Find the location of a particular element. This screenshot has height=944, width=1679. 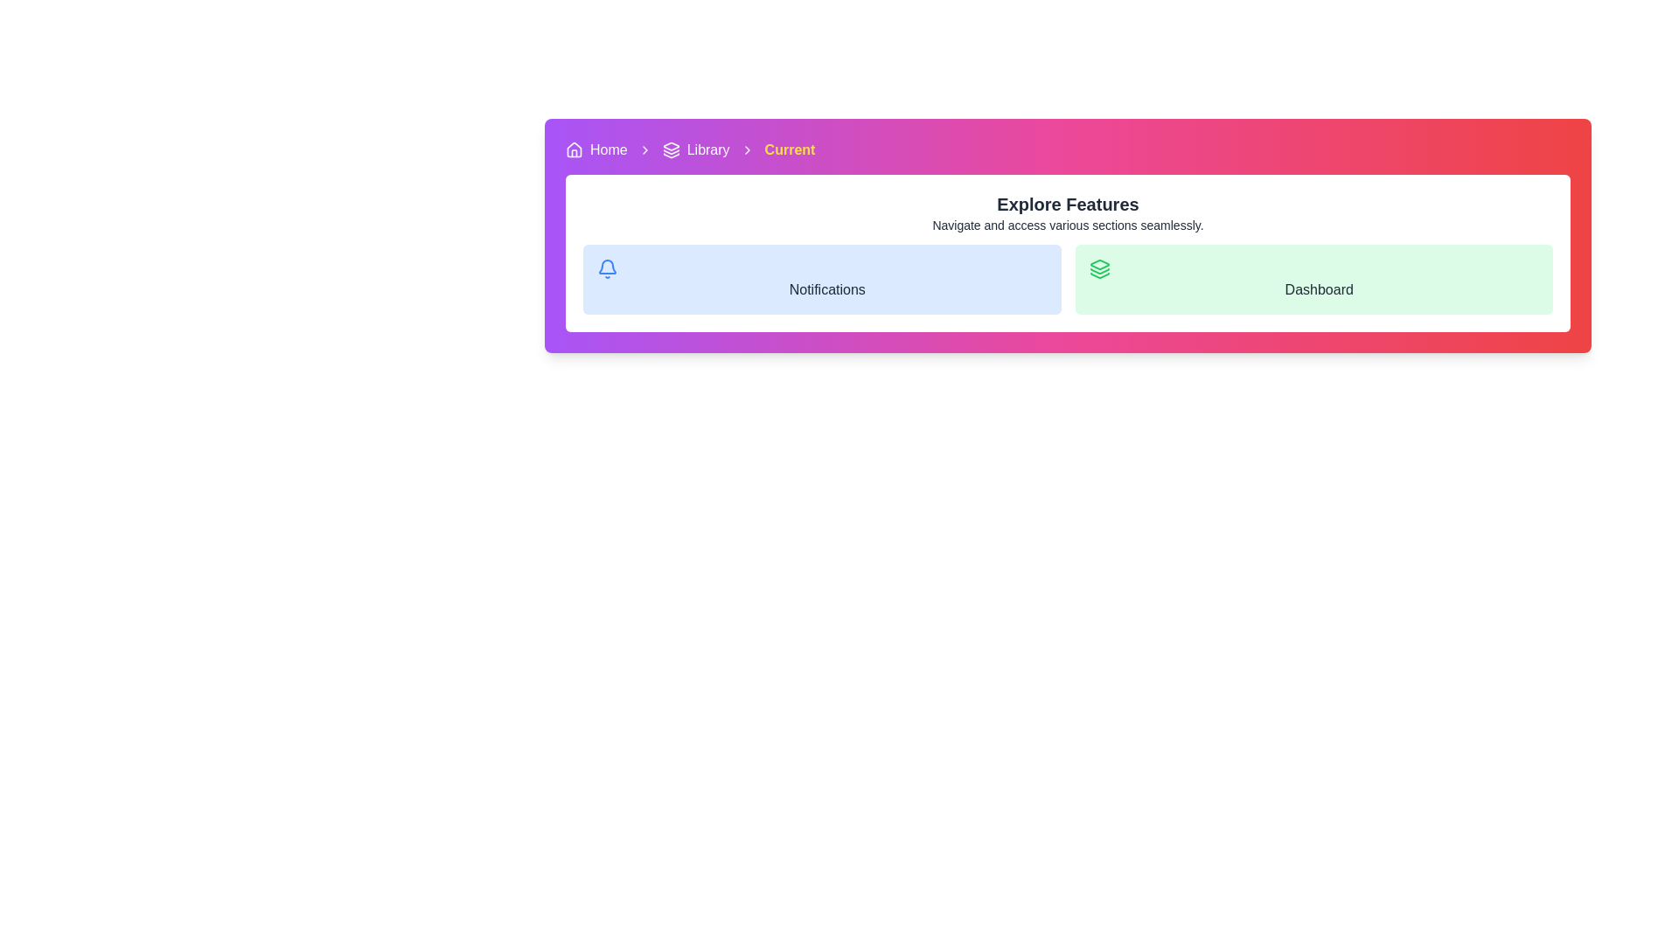

the bell icon with a blue outline that symbolizes notifications, located in the 'Notifications' section to the left of the 'Notifications' text is located at coordinates (608, 269).